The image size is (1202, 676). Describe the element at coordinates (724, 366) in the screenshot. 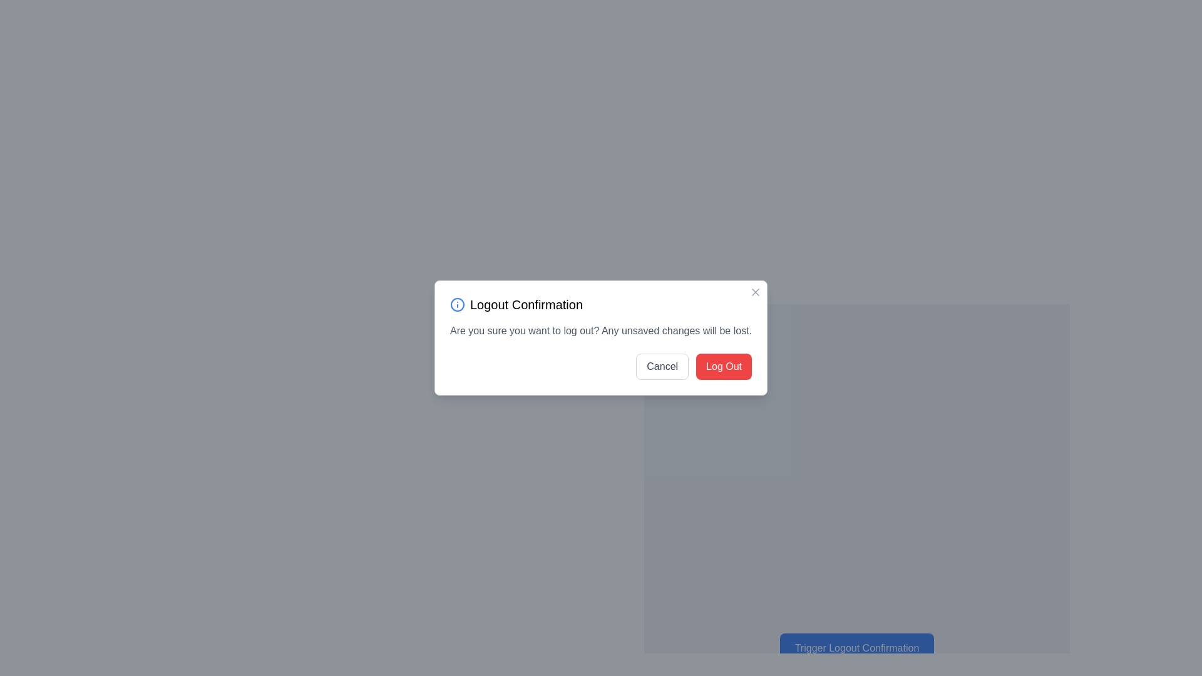

I see `the 'Log Out' button with a red background and white bold text in the 'Logout Confirmation' modal to confirm logout` at that location.